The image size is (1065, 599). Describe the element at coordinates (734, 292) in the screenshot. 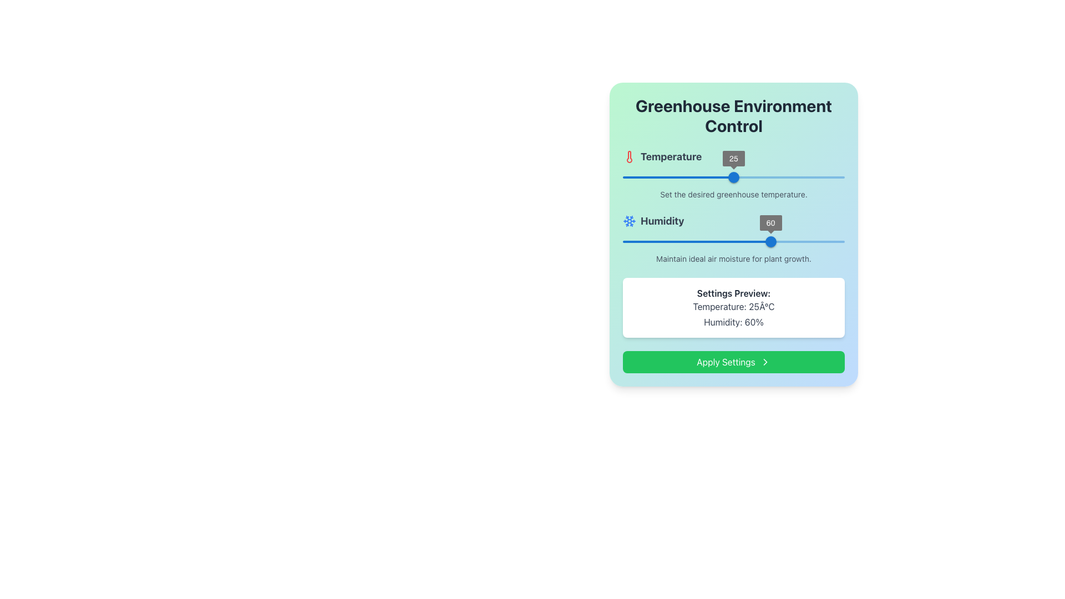

I see `the 'Settings Preview:' text label, which is styled in medium bold dark gray font and is positioned within a white rounded-rectangular section above the 'Apply Settings' button` at that location.